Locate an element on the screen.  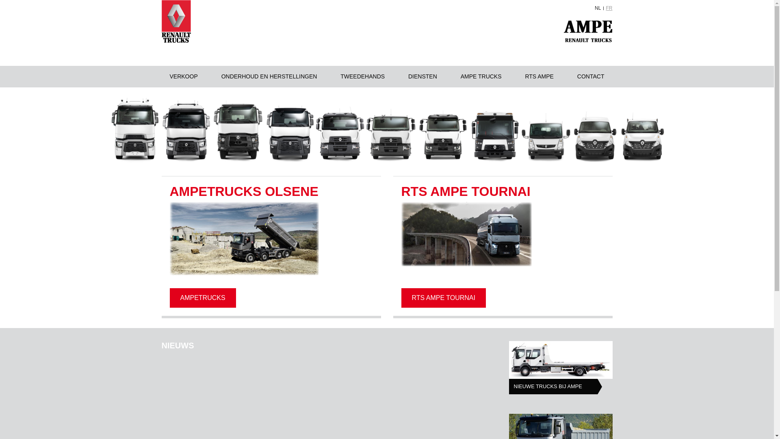
'VERKOOP' is located at coordinates (183, 76).